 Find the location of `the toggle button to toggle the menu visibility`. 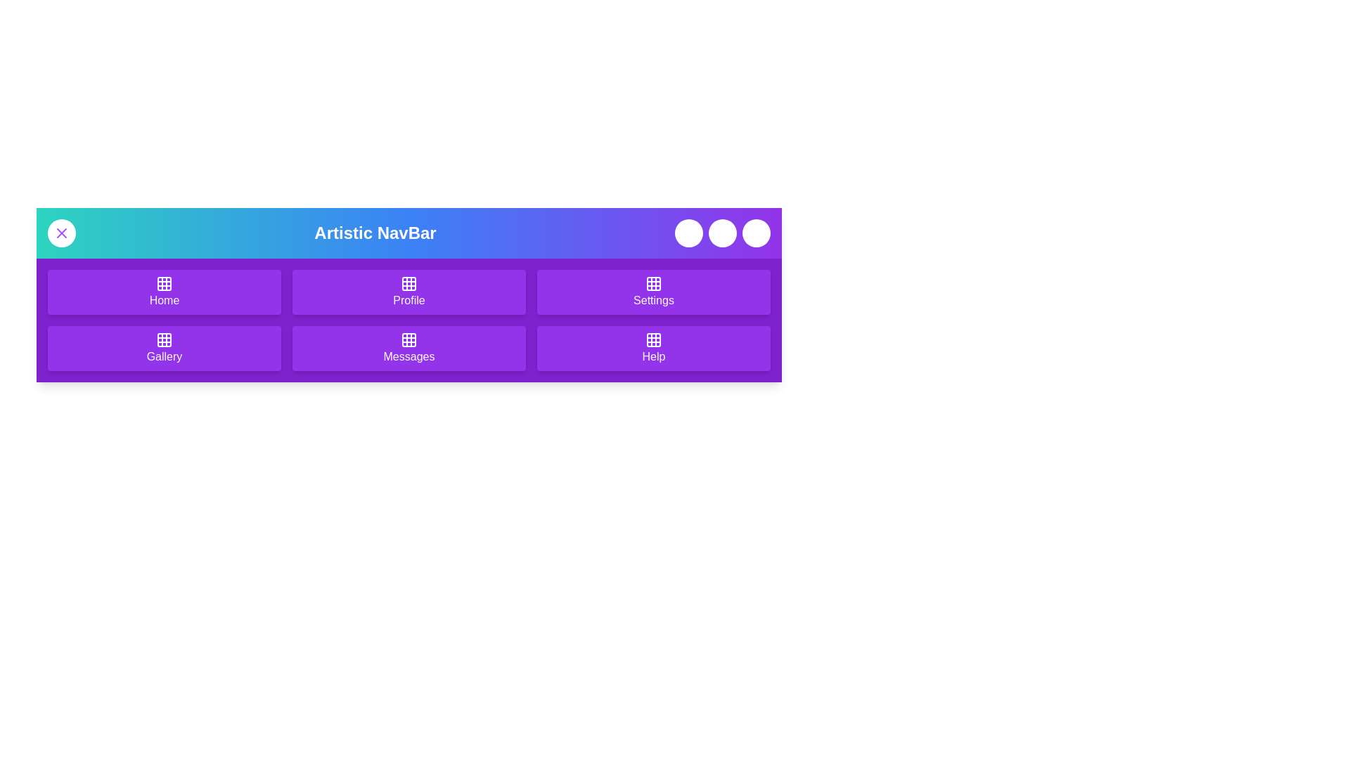

the toggle button to toggle the menu visibility is located at coordinates (60, 232).